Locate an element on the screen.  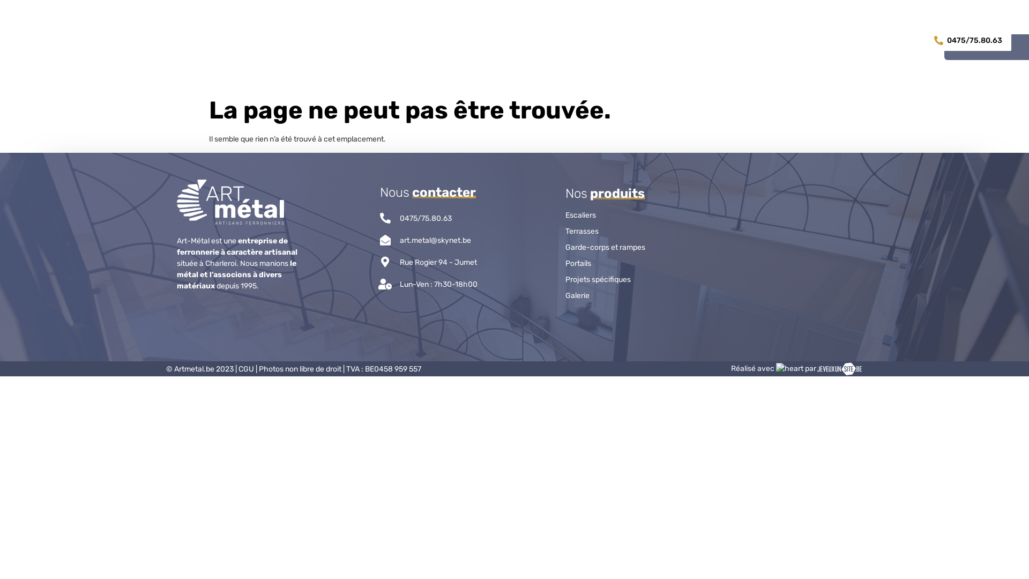
'CGU' is located at coordinates (238, 368).